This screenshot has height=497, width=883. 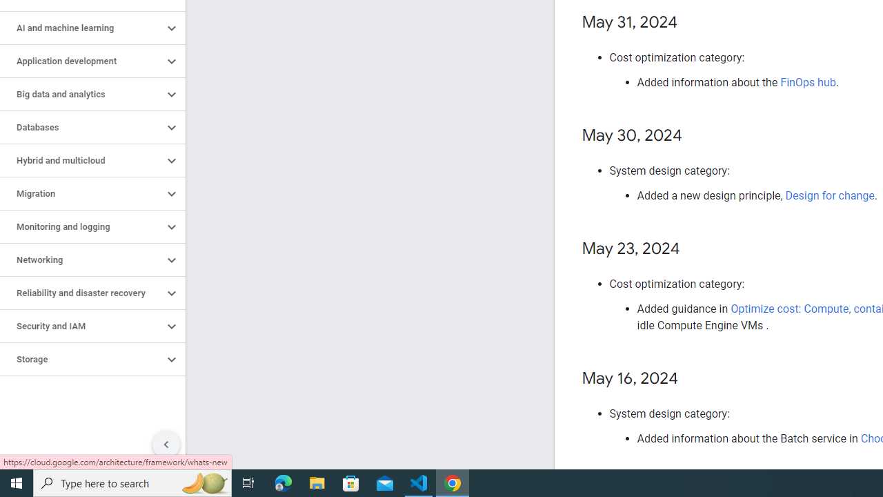 What do you see at coordinates (694, 249) in the screenshot?
I see `'Copy link to this section: May 23, 2024'` at bounding box center [694, 249].